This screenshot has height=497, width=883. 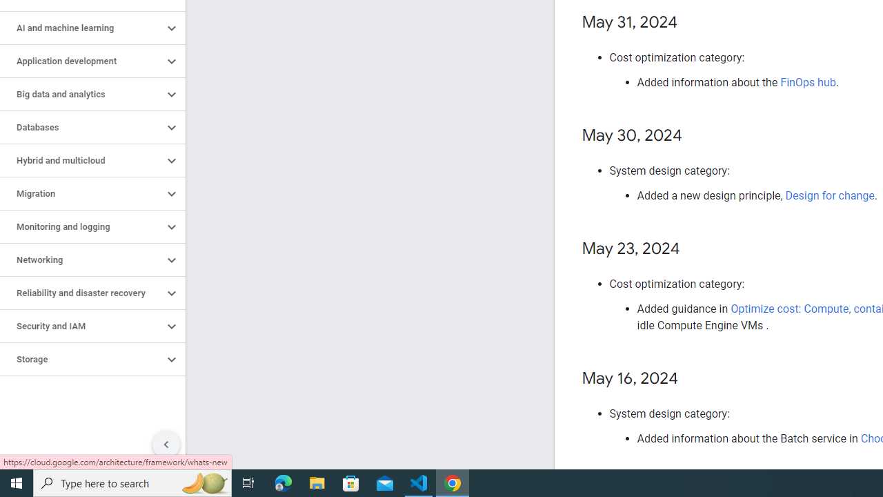 What do you see at coordinates (694, 249) in the screenshot?
I see `'Copy link to this section: May 23, 2024'` at bounding box center [694, 249].